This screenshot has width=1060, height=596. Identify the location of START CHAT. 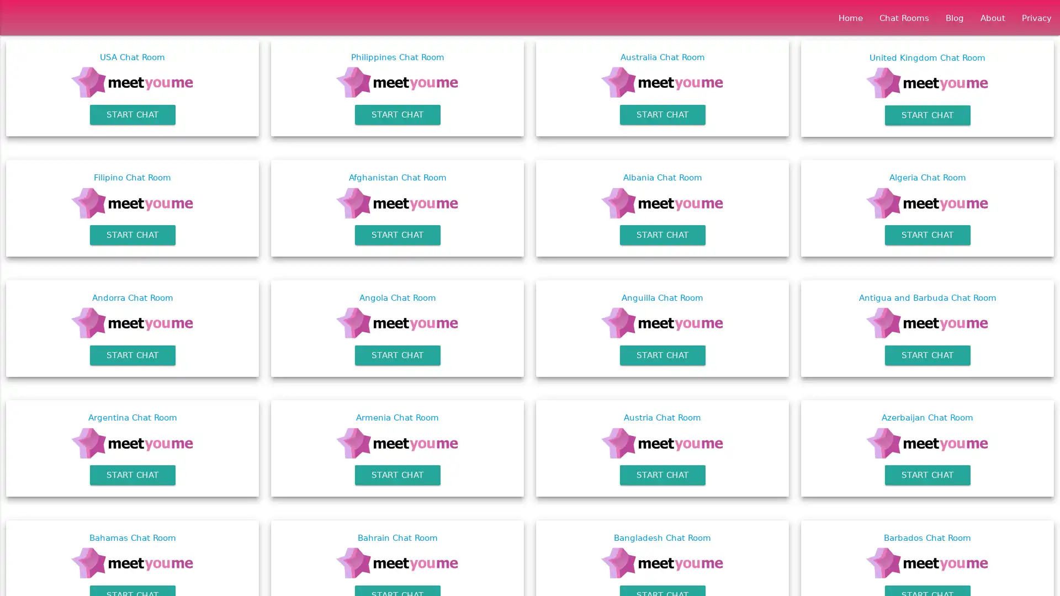
(662, 234).